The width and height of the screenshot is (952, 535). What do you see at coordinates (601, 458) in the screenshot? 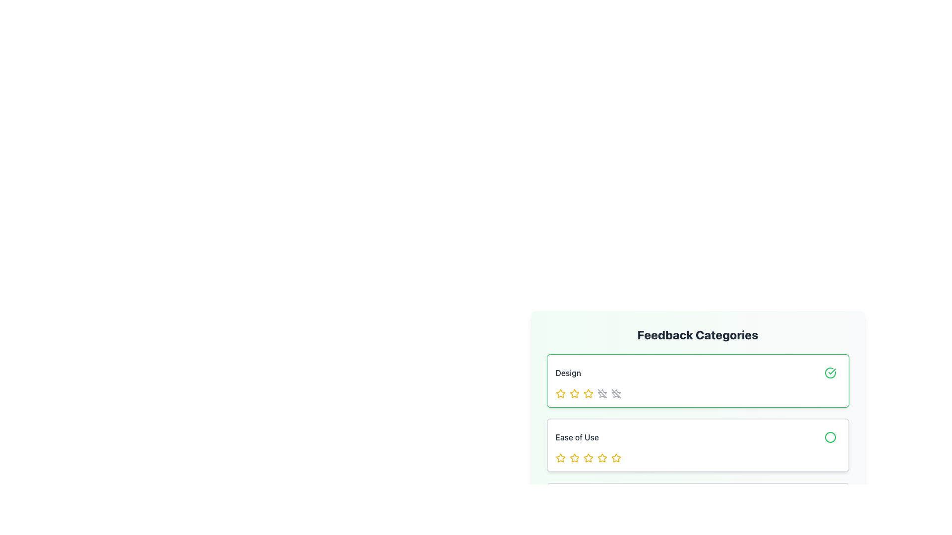
I see `the third star in the second row of the rating component for 'Ease of Use'` at bounding box center [601, 458].